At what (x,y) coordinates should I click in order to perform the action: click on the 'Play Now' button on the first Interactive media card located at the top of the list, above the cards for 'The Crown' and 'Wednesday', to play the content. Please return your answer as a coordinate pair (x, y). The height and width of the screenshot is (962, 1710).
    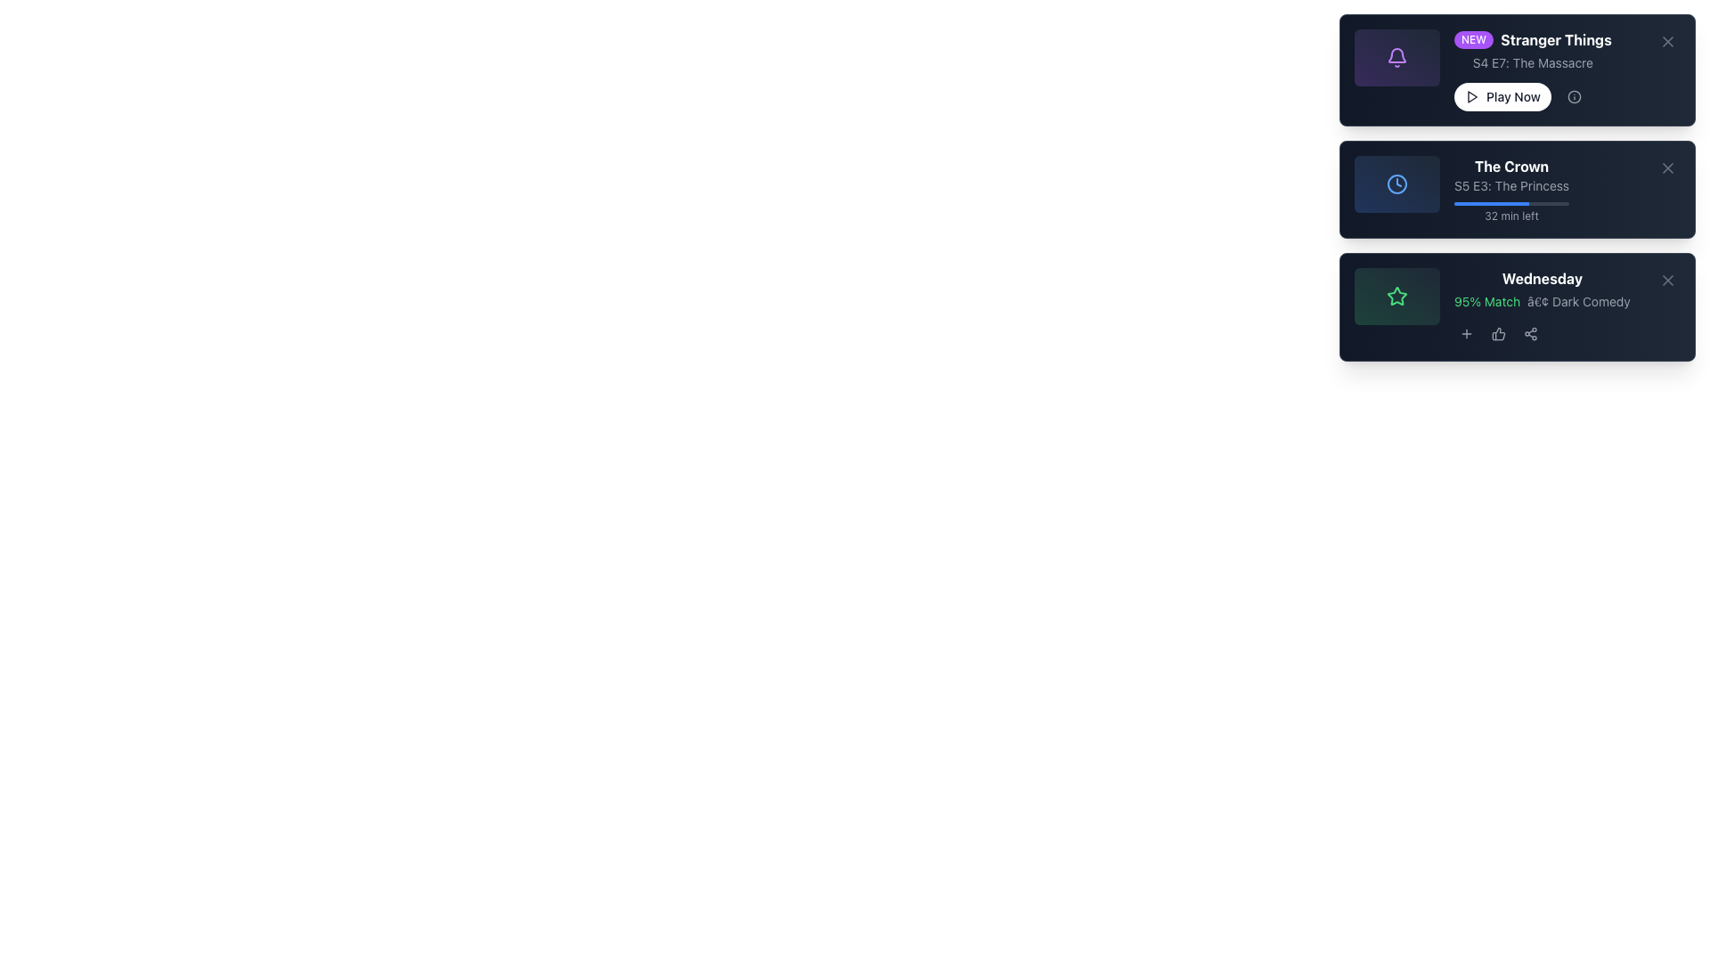
    Looking at the image, I should click on (1517, 69).